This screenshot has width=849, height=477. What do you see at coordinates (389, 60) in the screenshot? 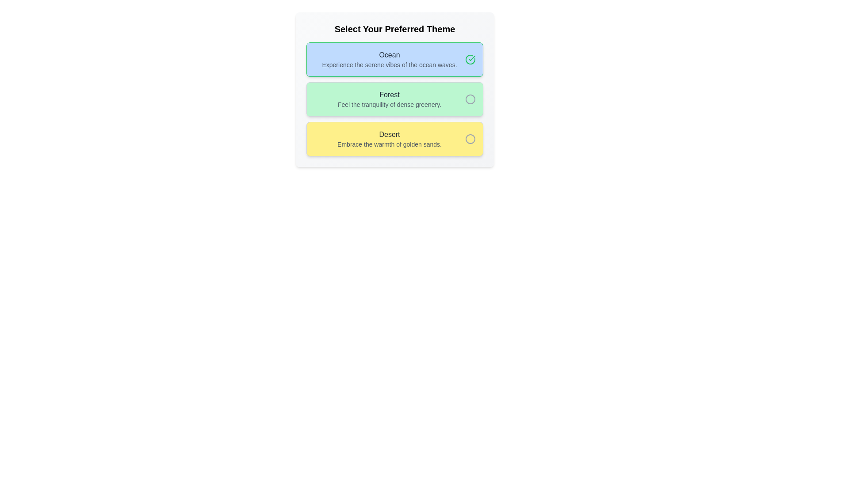
I see `the text block containing 'Ocean' and 'Experience the serene vibes of the ocean waves.'` at bounding box center [389, 60].